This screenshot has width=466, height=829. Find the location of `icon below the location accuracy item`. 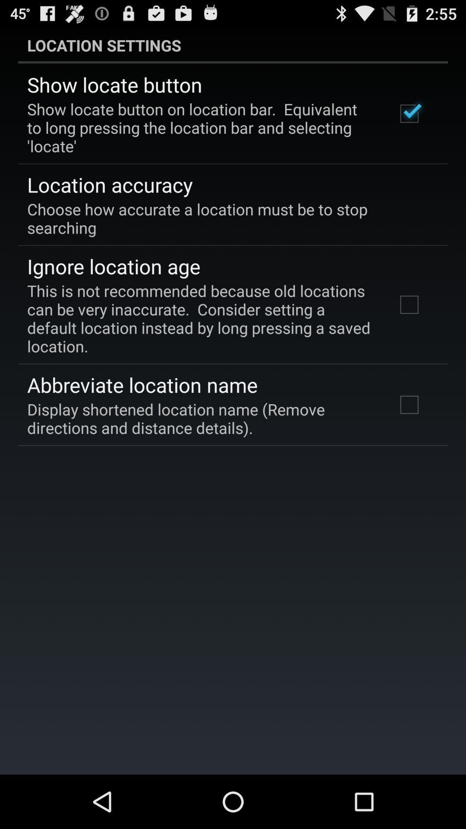

icon below the location accuracy item is located at coordinates (227, 218).